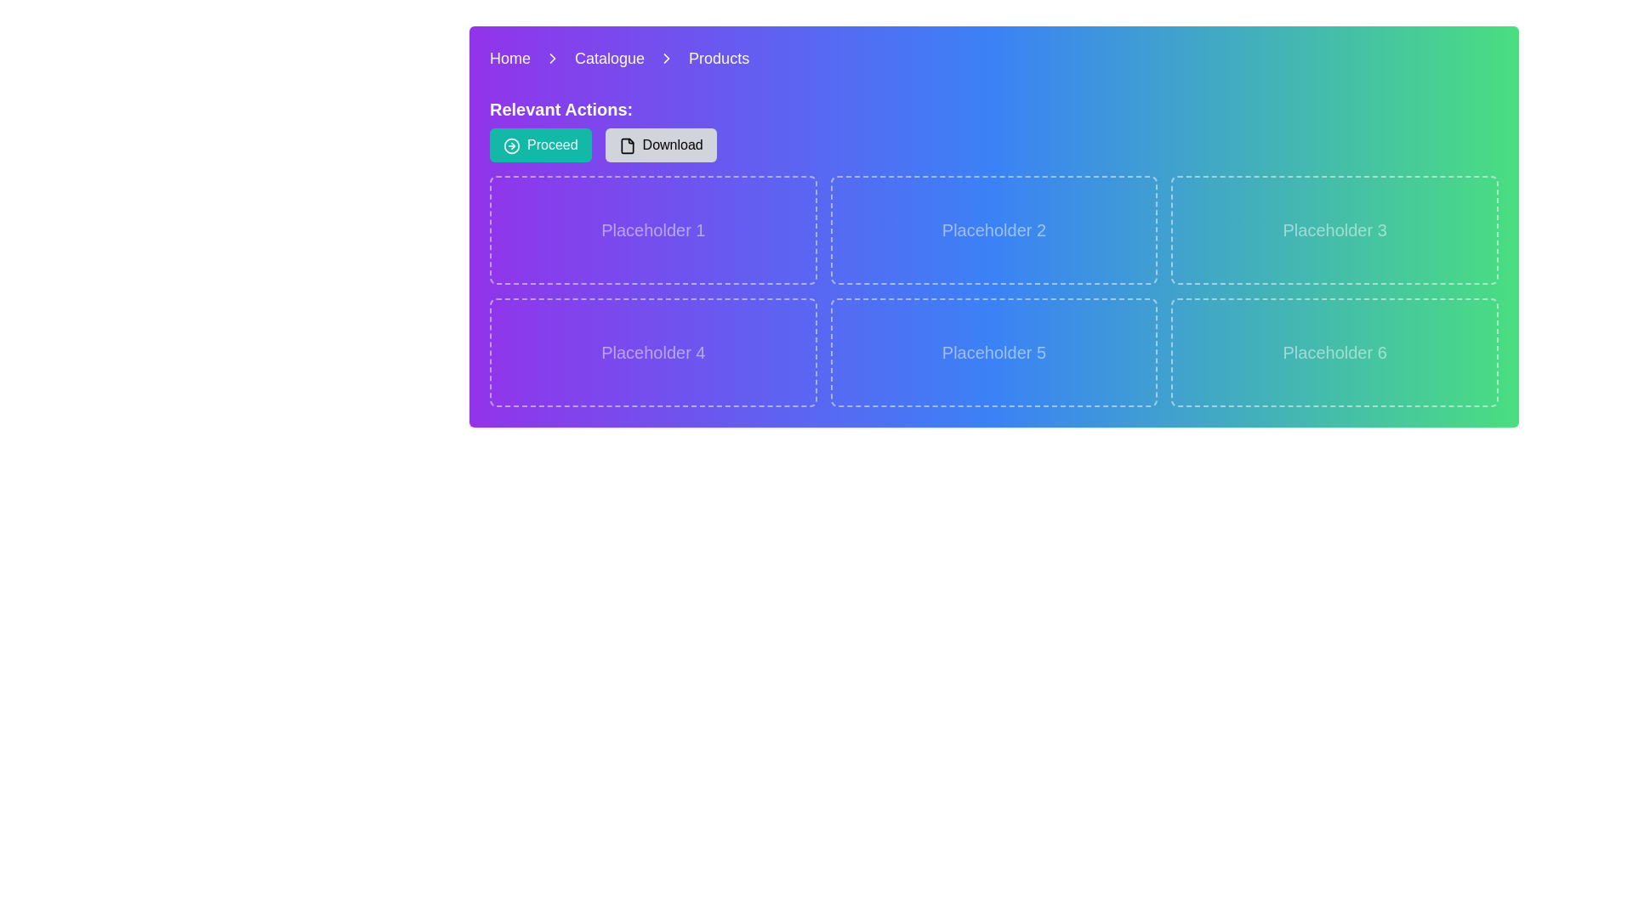 The image size is (1633, 918). Describe the element at coordinates (993, 352) in the screenshot. I see `the fifth placeholder box in the grid layout, located in the second row and second column, which serves as a visual representation for content not yet available` at that location.